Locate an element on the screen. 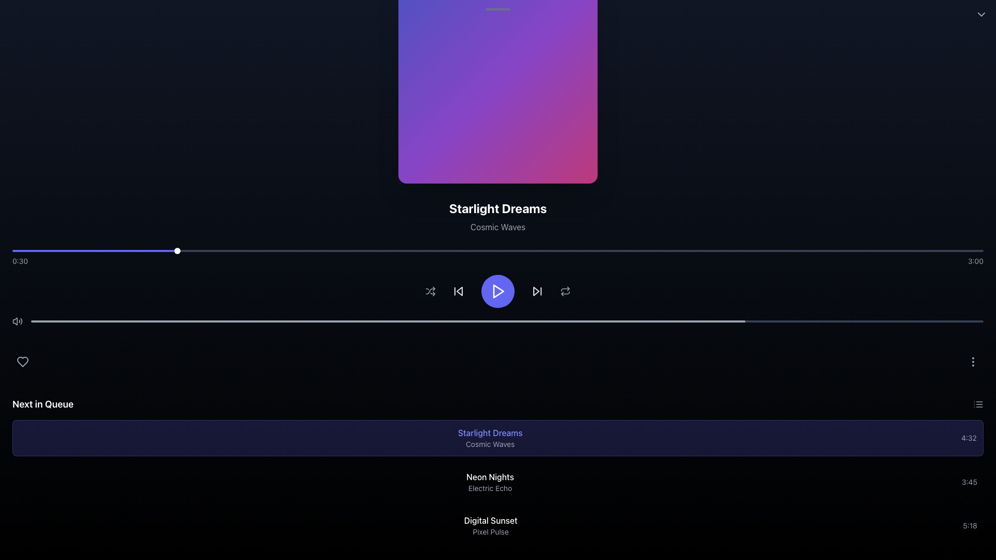  the 'Neon Nights' text label, which is styled in white font and located at the top of the section titled 'Next in Queue' is located at coordinates (490, 477).